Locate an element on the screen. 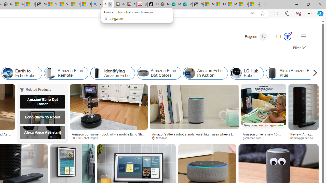 The width and height of the screenshot is (326, 183). 'gsmarena.com' is located at coordinates (254, 138).